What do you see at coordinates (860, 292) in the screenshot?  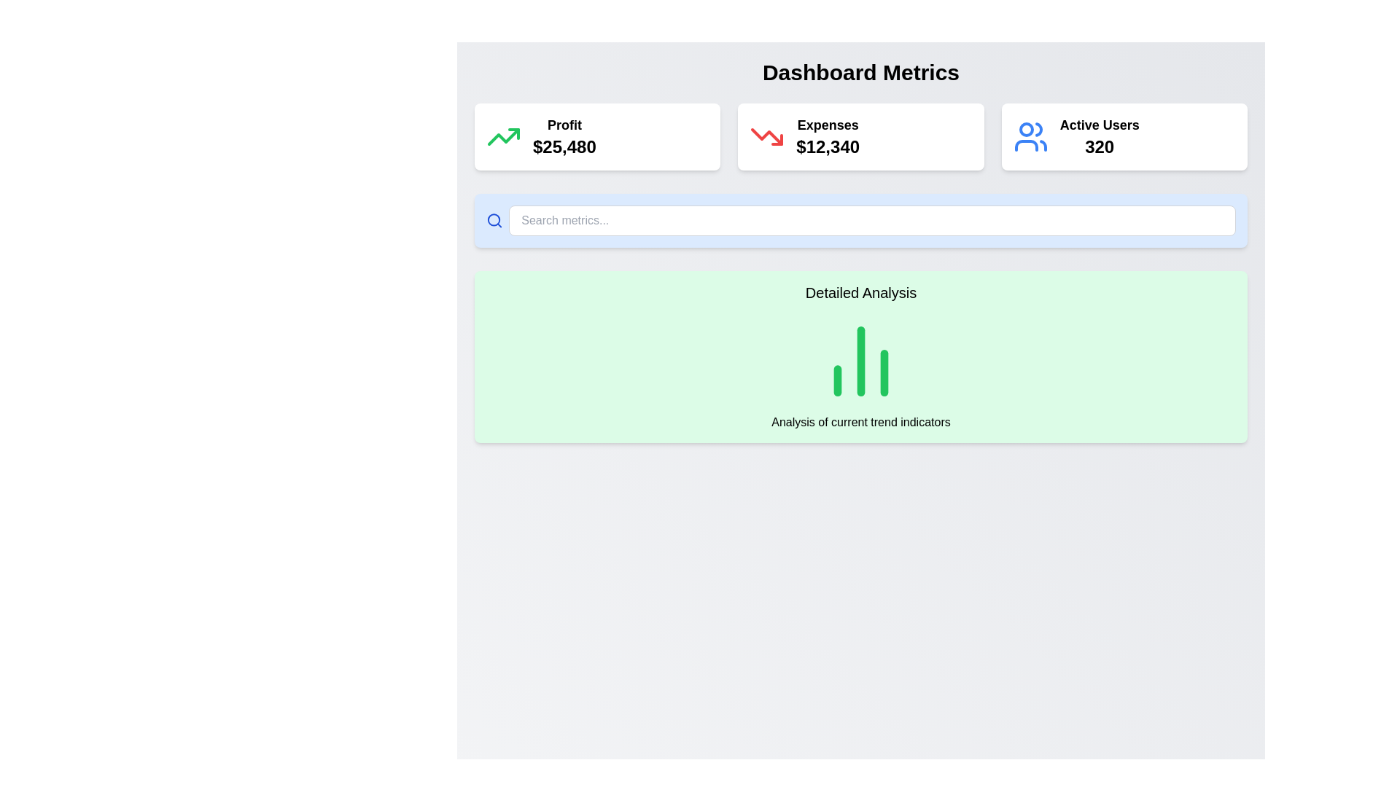 I see `the 'Detailed Analysis' text element, which is styled with a larger font size and bold weight, located at the top of the light green section` at bounding box center [860, 292].